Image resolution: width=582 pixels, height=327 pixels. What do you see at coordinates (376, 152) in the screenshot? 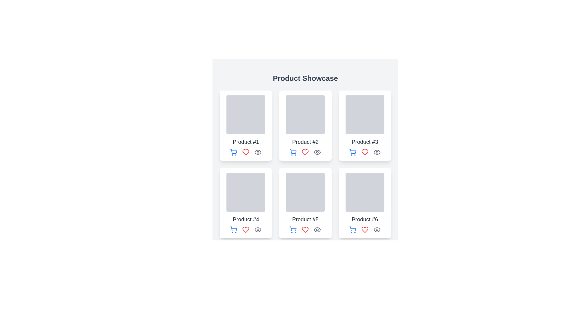
I see `the eye-shaped icon located at the bottom-right corner of the 'Product #3' card` at bounding box center [376, 152].